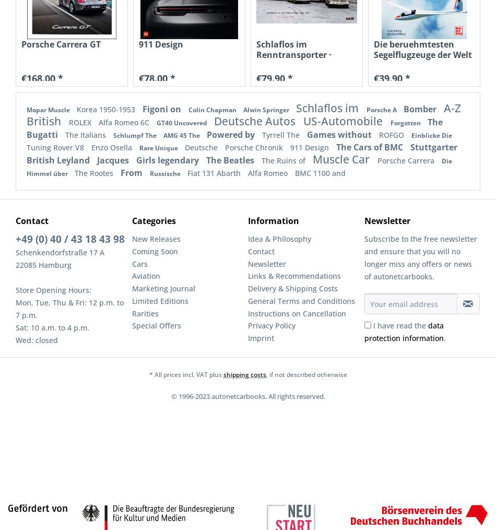  I want to click on 'Einblicke Die', so click(431, 135).